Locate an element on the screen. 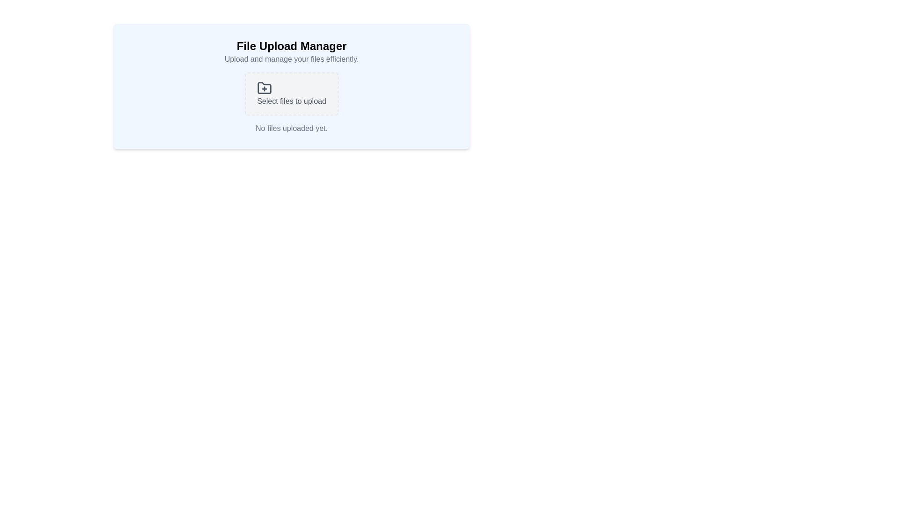  the Interactive panel labeled 'File Upload Manager' is located at coordinates (291, 102).